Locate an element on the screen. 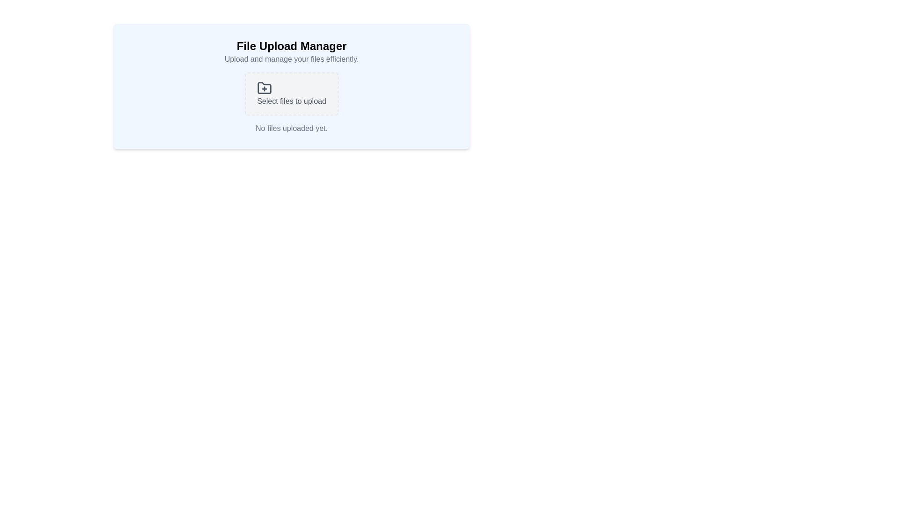  the Interactive panel labeled 'File Upload Manager' is located at coordinates (291, 102).